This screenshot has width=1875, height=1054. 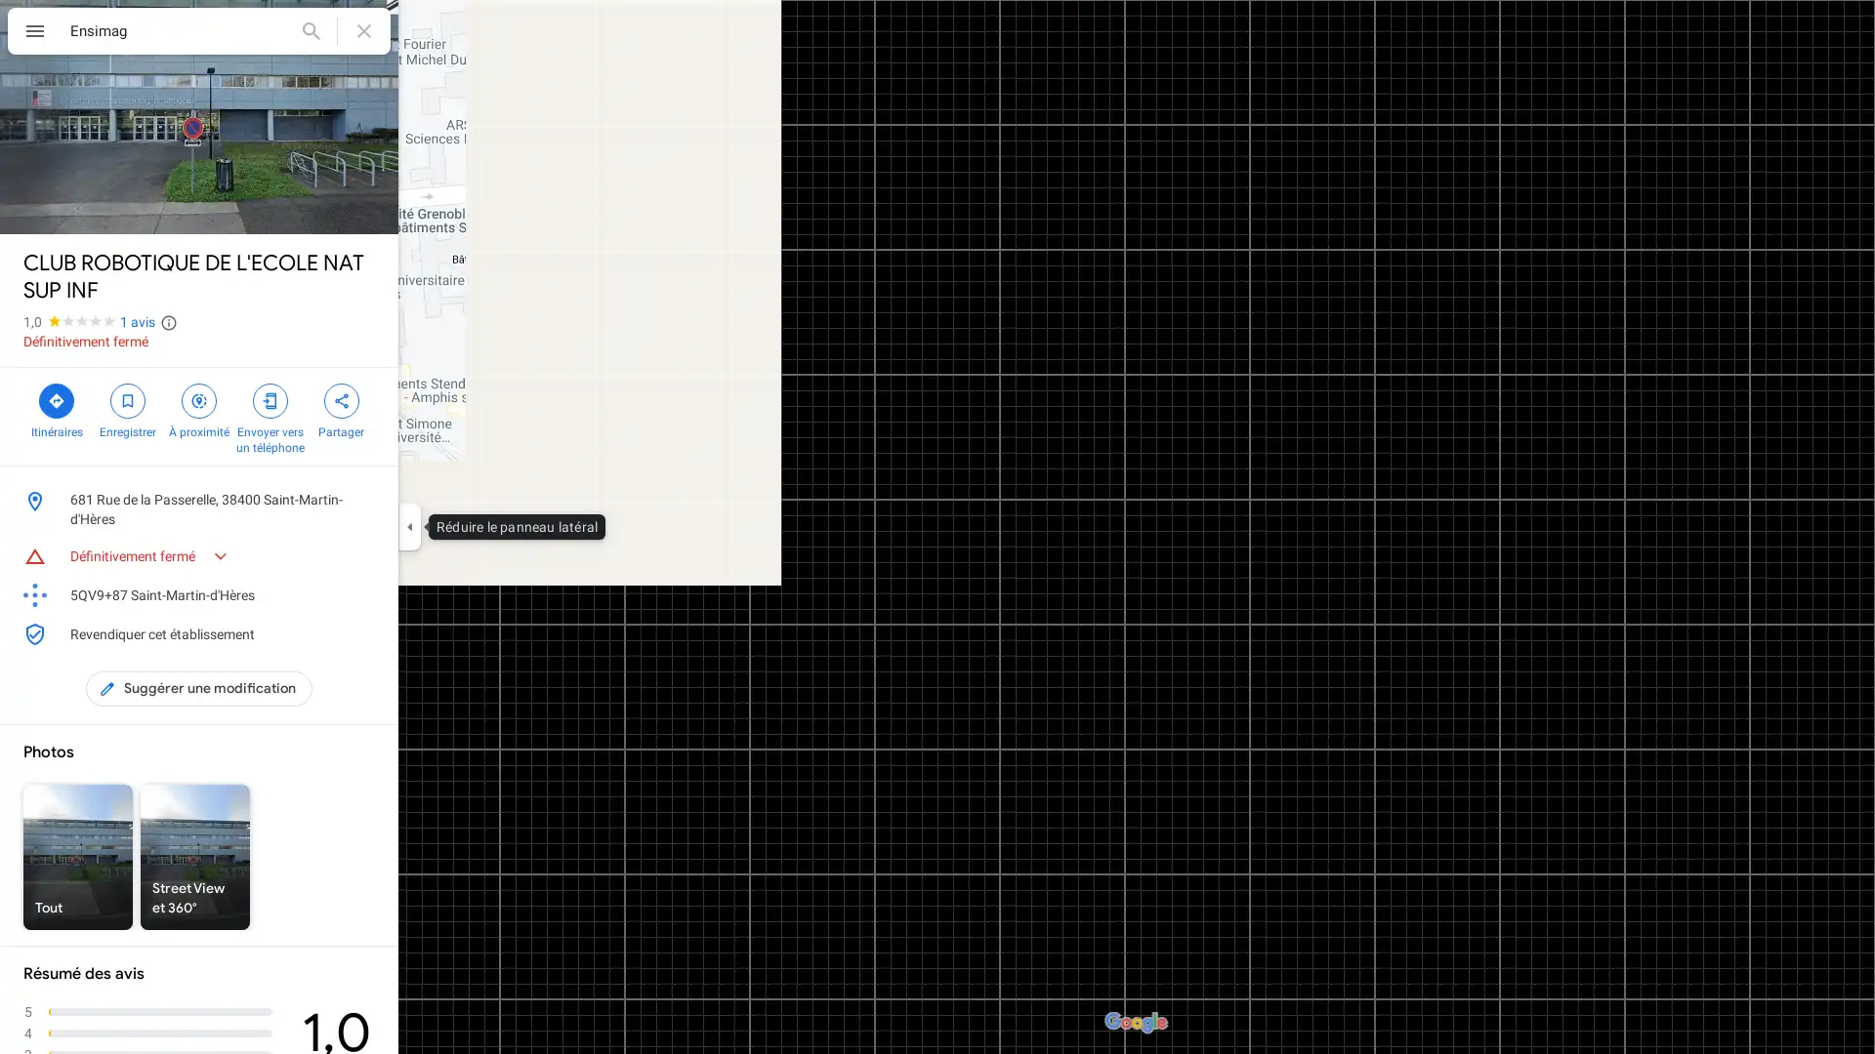 I want to click on Itineraire vers CLUB ROBOTIQUE DE L'ECOLE NAT SUP INF, so click(x=56, y=408).